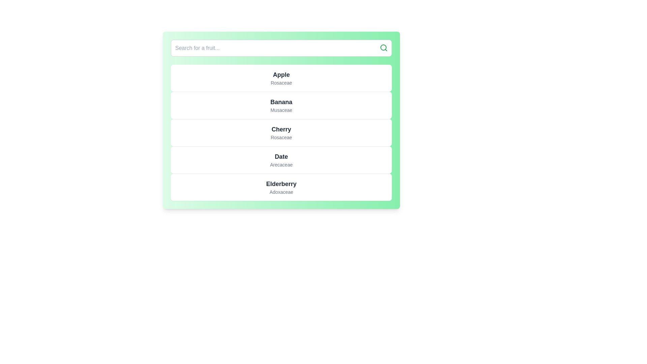  Describe the element at coordinates (383, 48) in the screenshot. I see `the green magnifying glass icon in the top-right corner of the search bar` at that location.